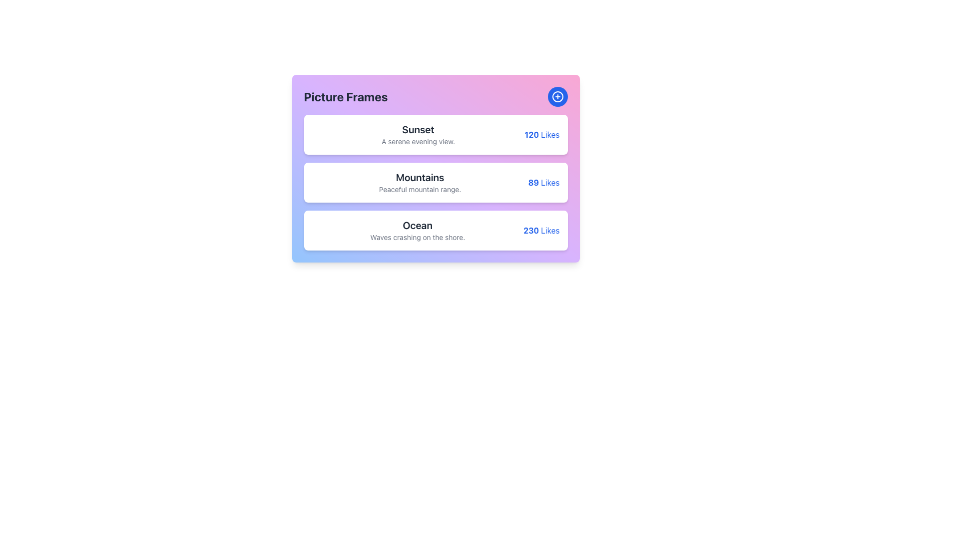  What do you see at coordinates (417, 231) in the screenshot?
I see `the Text label that serves as a content title for the scenic item, which is located in the main content center of the third card from the top` at bounding box center [417, 231].